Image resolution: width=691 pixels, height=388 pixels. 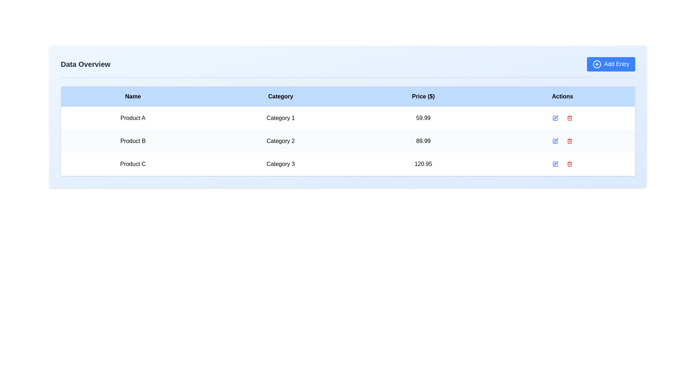 What do you see at coordinates (133, 164) in the screenshot?
I see `the text label displaying 'Product C' in the first cell of the third row of the table, under the 'Name' column` at bounding box center [133, 164].